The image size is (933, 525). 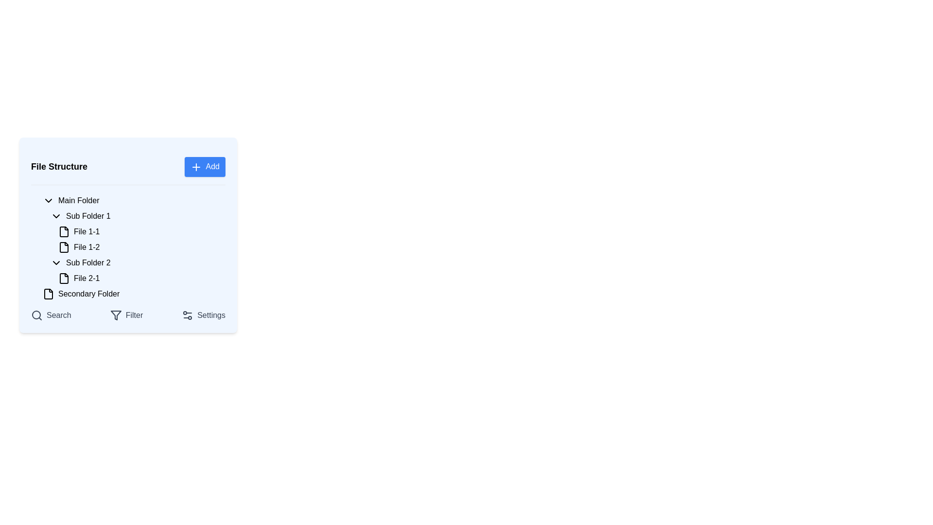 What do you see at coordinates (64, 231) in the screenshot?
I see `the file icon located under the 'Sub Folder 1' node, adjacent to 'File 1-1', representing a file item in the hierarchical tree structure` at bounding box center [64, 231].